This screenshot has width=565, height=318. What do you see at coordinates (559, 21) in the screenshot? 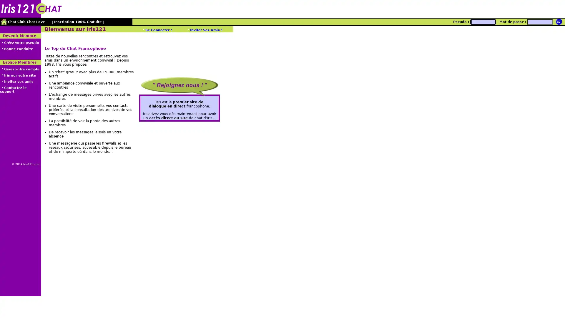
I see `Go!` at bounding box center [559, 21].